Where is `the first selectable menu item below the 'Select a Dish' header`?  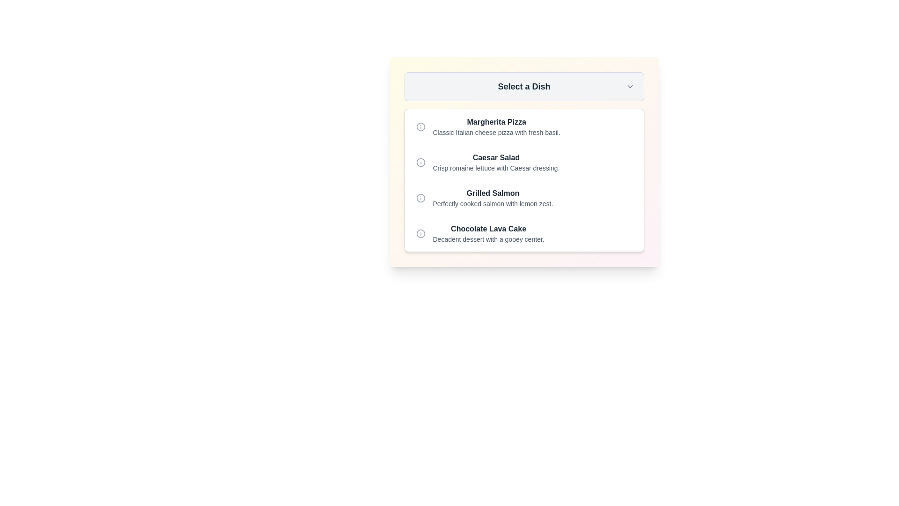
the first selectable menu item below the 'Select a Dish' header is located at coordinates (523, 126).